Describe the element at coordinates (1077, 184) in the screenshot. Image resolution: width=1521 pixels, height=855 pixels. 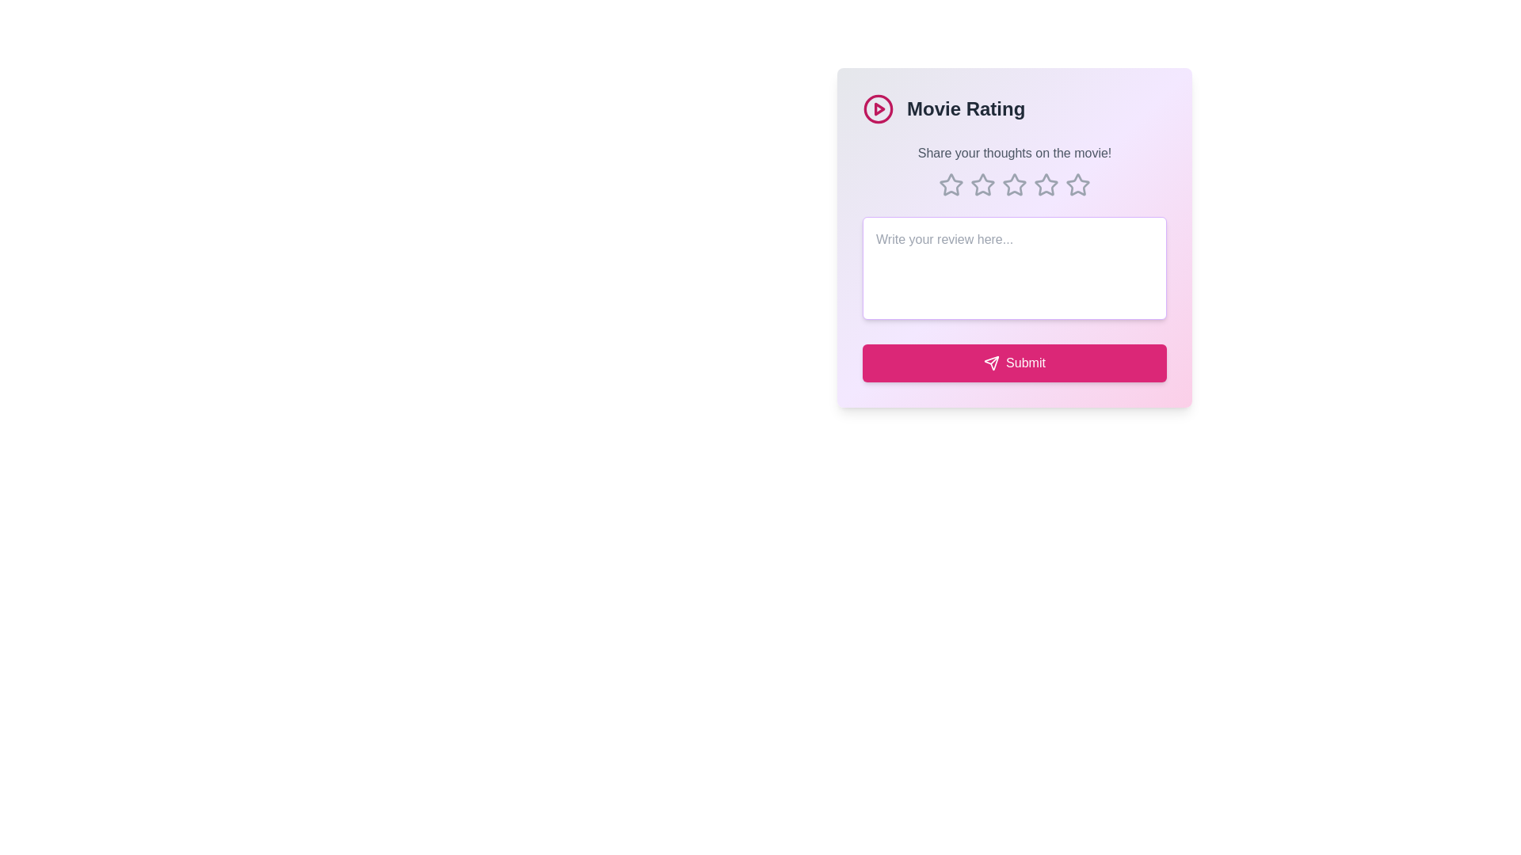
I see `the fifth star-shaped UI icon in the star-based rating system` at that location.